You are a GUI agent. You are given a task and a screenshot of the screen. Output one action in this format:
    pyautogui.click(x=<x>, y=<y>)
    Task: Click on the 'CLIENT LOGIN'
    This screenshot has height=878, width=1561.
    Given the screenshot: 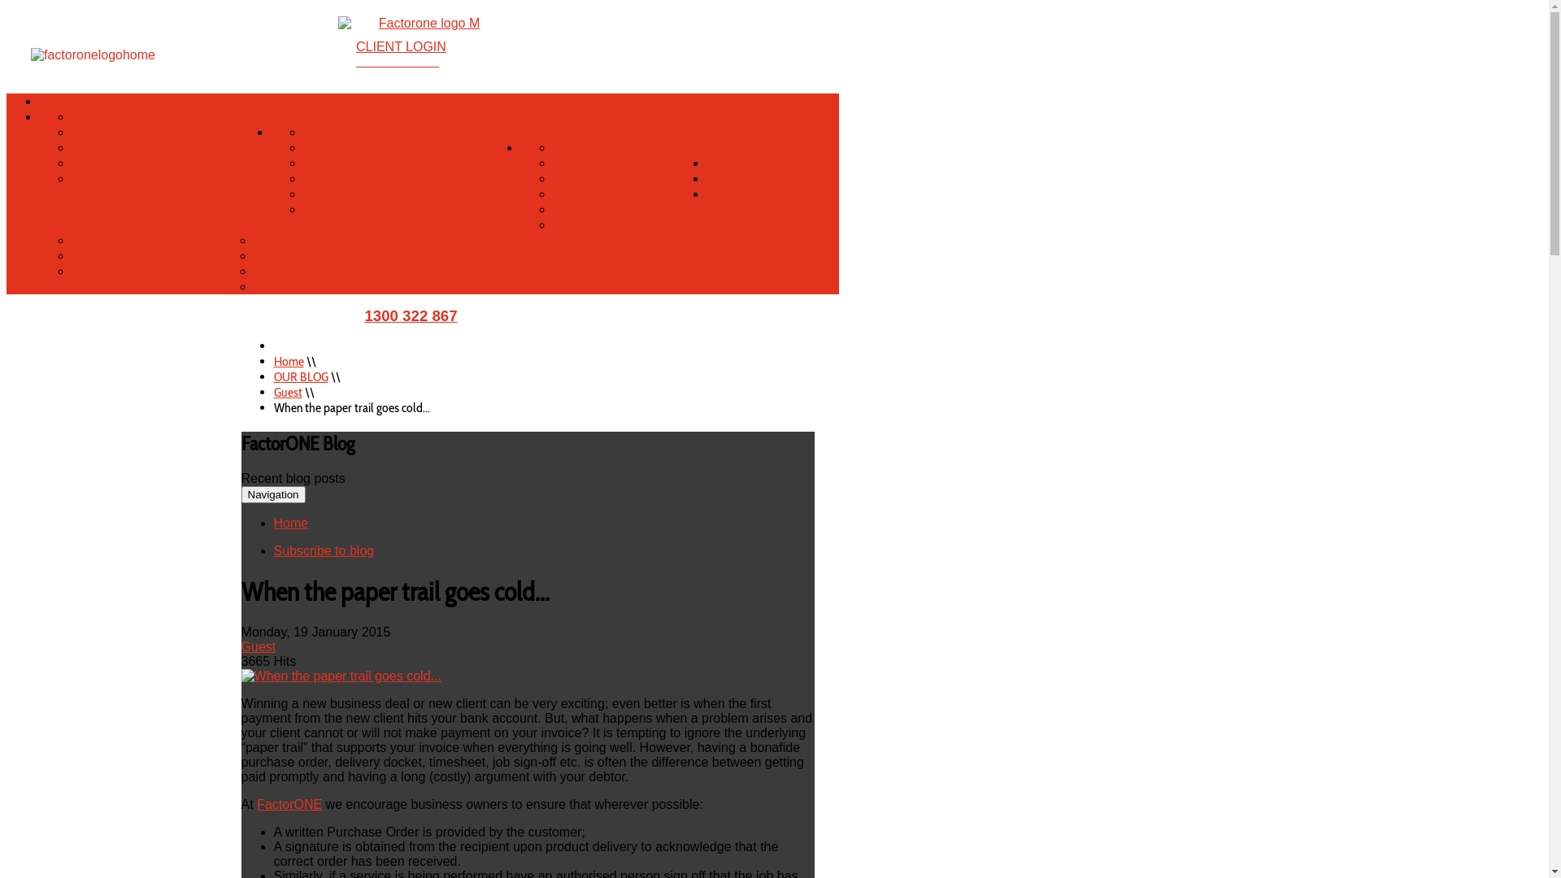 What is the action you would take?
    pyautogui.click(x=401, y=46)
    